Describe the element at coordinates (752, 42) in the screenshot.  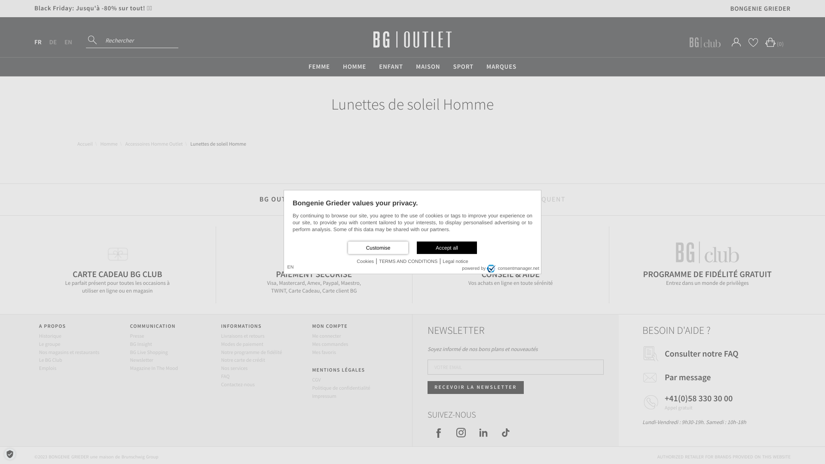
I see `'Mes Favoris'` at that location.